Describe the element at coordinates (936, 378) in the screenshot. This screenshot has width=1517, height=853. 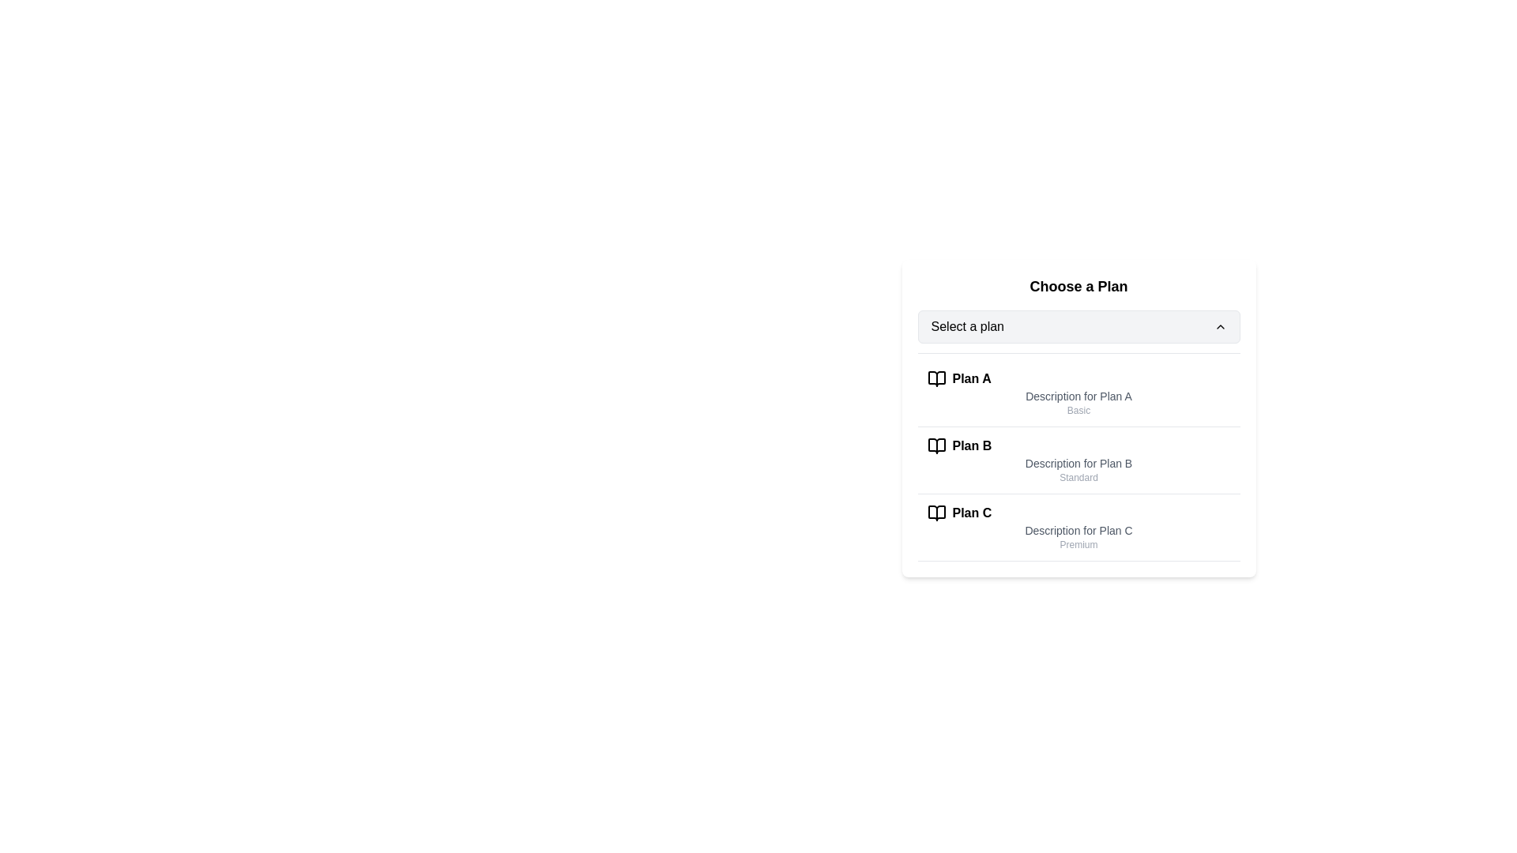
I see `the open book icon, which is characterized by two symmetrical pages and a vertical line in the middle, located to the left of the 'Plan A' label in the 'Choose a Plan' interface` at that location.